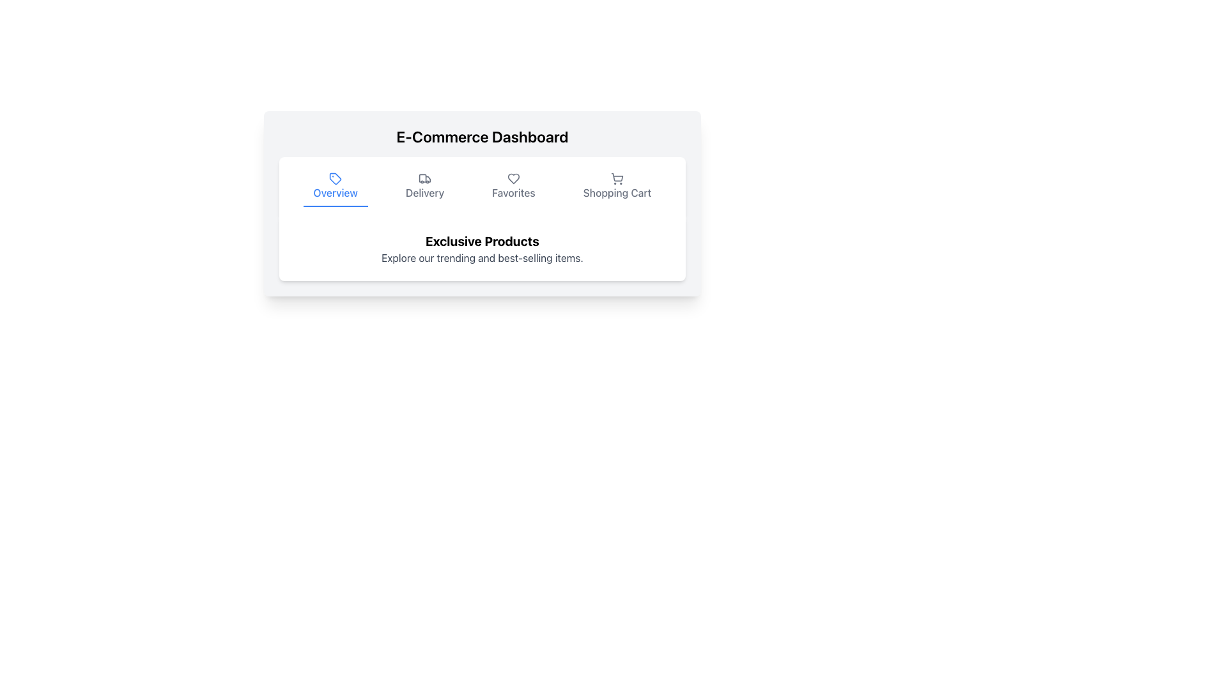 The width and height of the screenshot is (1227, 690). What do you see at coordinates (617, 179) in the screenshot?
I see `the shopping cart icon, which is a minimalistic vector graphic located in the 'Shopping Cart' section of the navigation bar` at bounding box center [617, 179].